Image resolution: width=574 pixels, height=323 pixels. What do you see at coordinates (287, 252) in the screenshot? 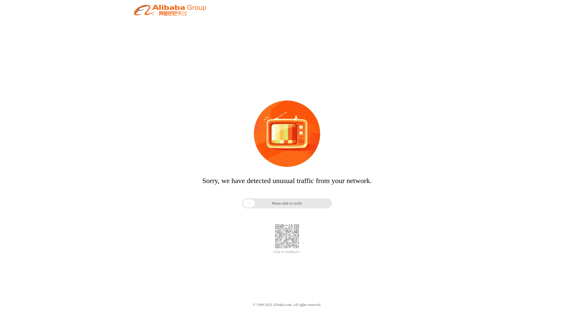
I see `'Click to feedback >'` at bounding box center [287, 252].